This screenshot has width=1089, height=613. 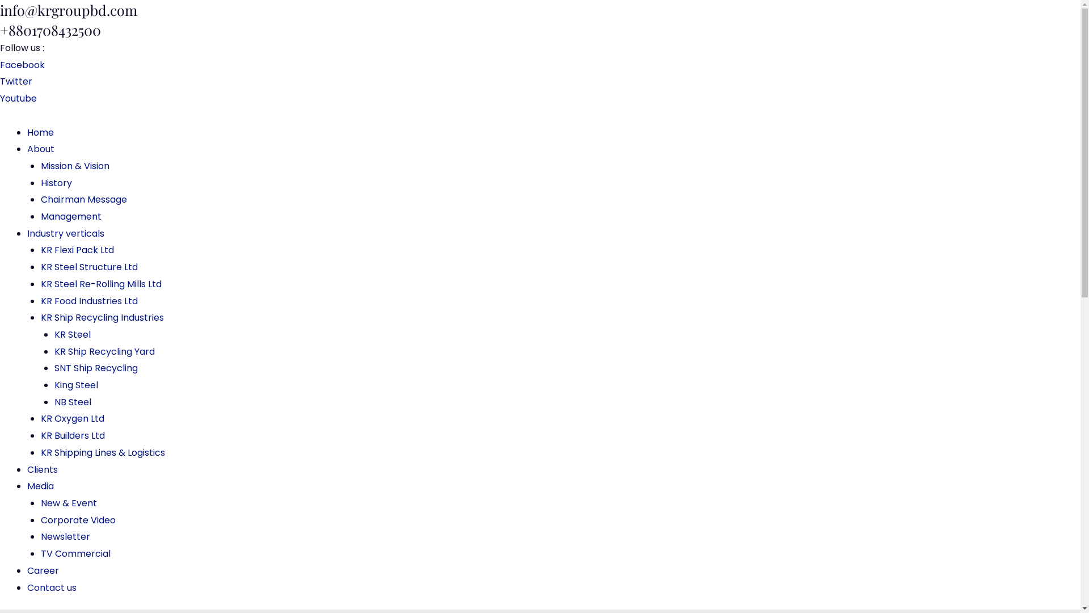 What do you see at coordinates (75, 553) in the screenshot?
I see `'TV Commercial'` at bounding box center [75, 553].